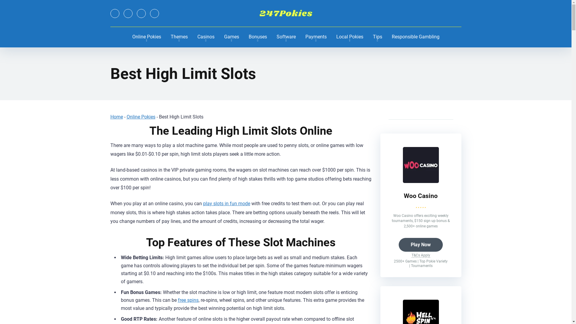  What do you see at coordinates (316, 37) in the screenshot?
I see `'Payments'` at bounding box center [316, 37].